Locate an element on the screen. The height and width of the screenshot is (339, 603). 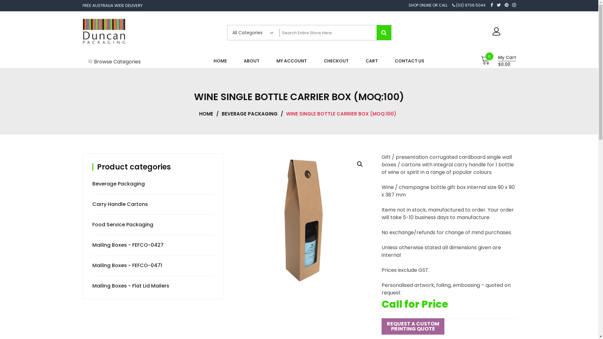
'HOME' is located at coordinates (208, 114).